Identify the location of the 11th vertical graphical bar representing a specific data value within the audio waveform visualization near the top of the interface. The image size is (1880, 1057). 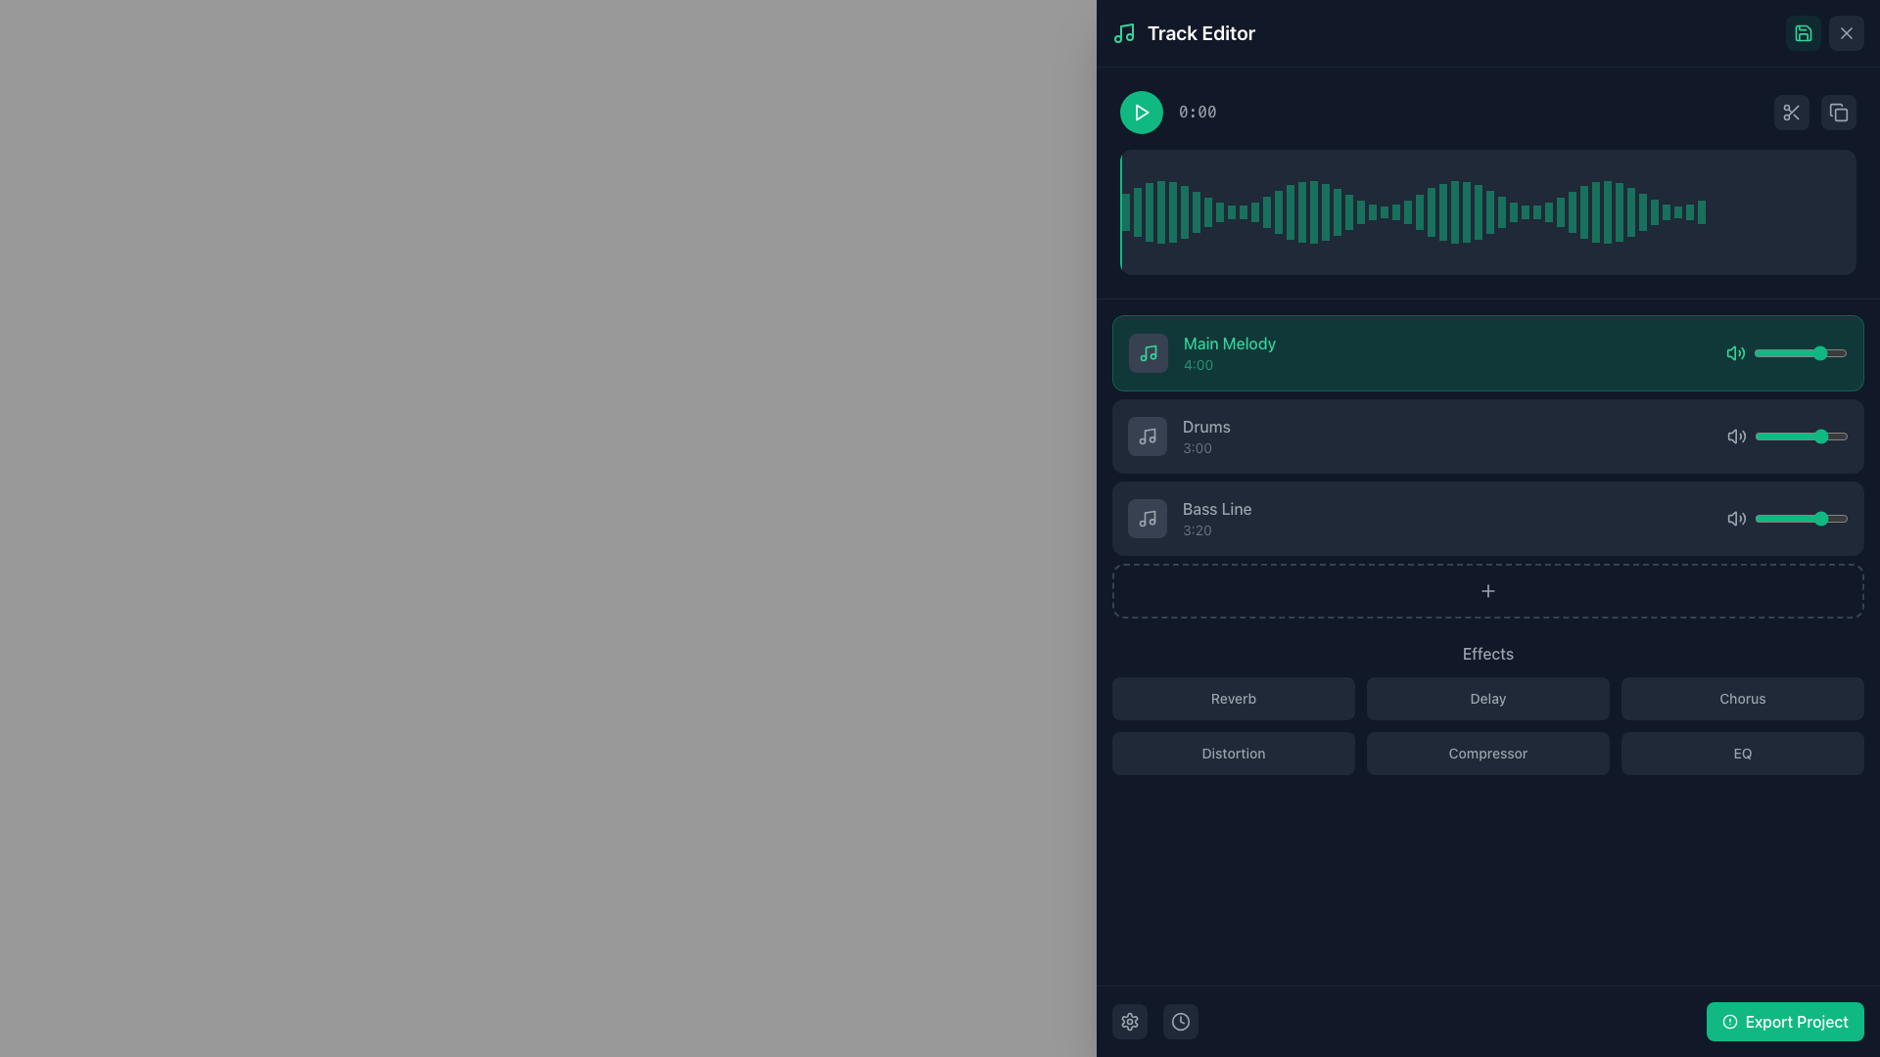
(1243, 211).